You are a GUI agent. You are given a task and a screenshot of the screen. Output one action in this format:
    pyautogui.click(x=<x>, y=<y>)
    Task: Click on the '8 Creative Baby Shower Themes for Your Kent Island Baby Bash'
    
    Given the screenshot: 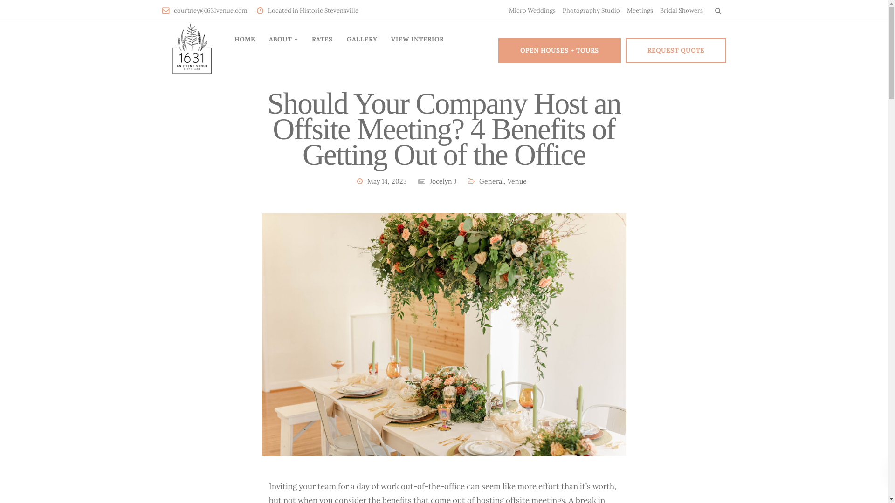 What is the action you would take?
    pyautogui.click(x=436, y=345)
    